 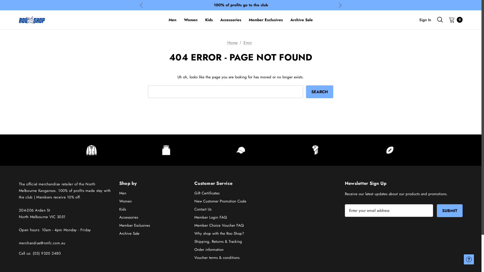 What do you see at coordinates (454, 19) in the screenshot?
I see `'0'` at bounding box center [454, 19].